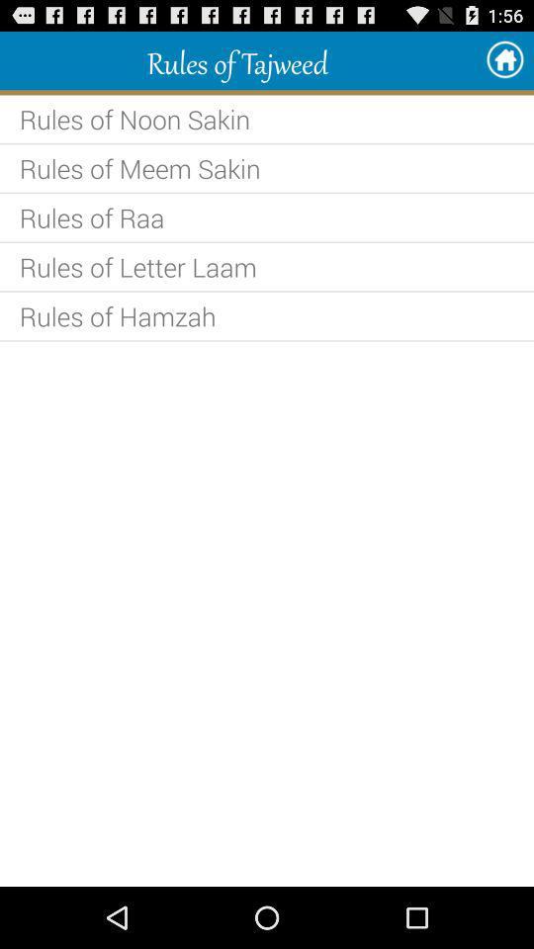  Describe the element at coordinates (504, 64) in the screenshot. I see `the home icon` at that location.